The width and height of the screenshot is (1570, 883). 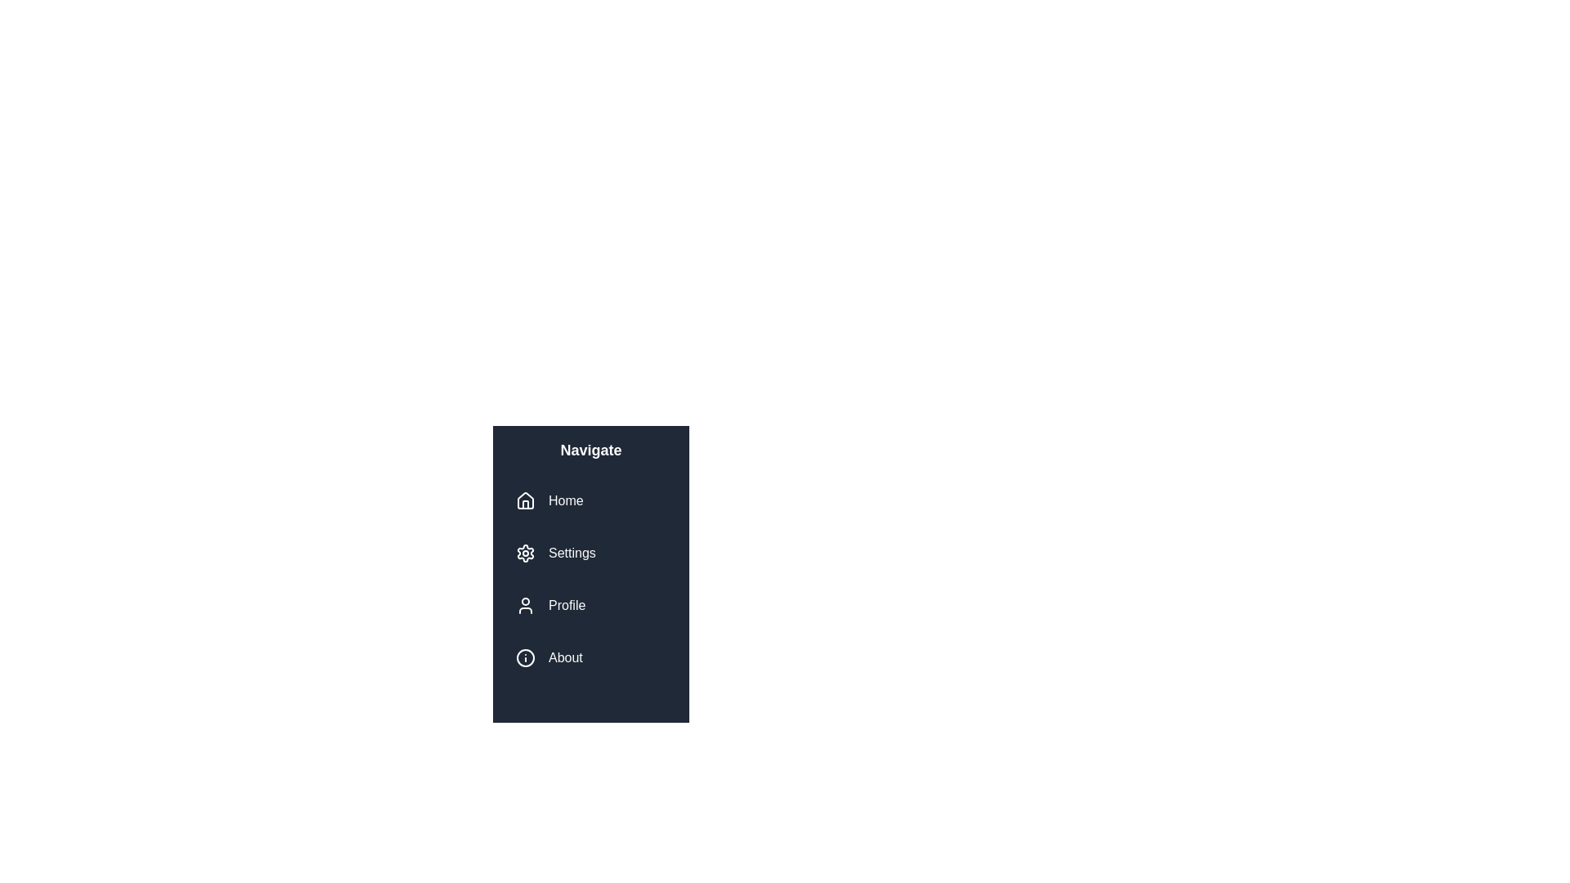 What do you see at coordinates (572, 553) in the screenshot?
I see `the 'Settings' text label located in the vertical navigation menu, positioned between 'Home' and 'Profile'` at bounding box center [572, 553].